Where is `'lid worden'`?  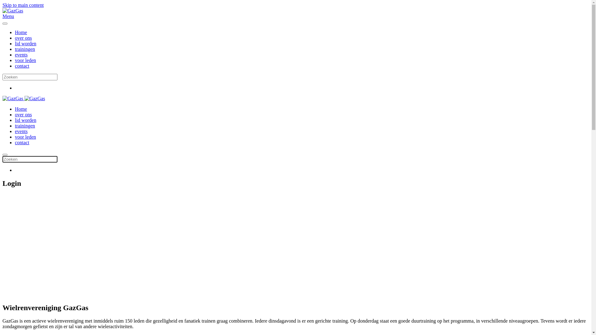
'lid worden' is located at coordinates (25, 43).